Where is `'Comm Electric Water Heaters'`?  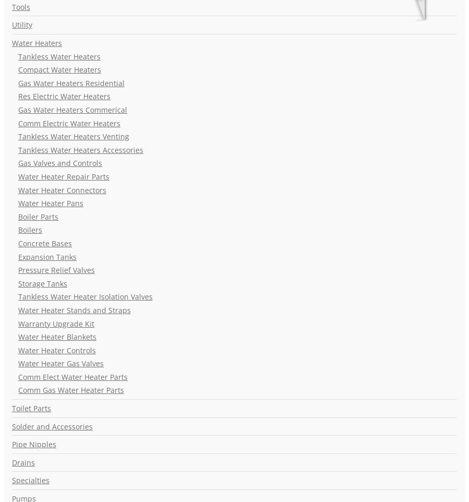
'Comm Electric Water Heaters' is located at coordinates (69, 122).